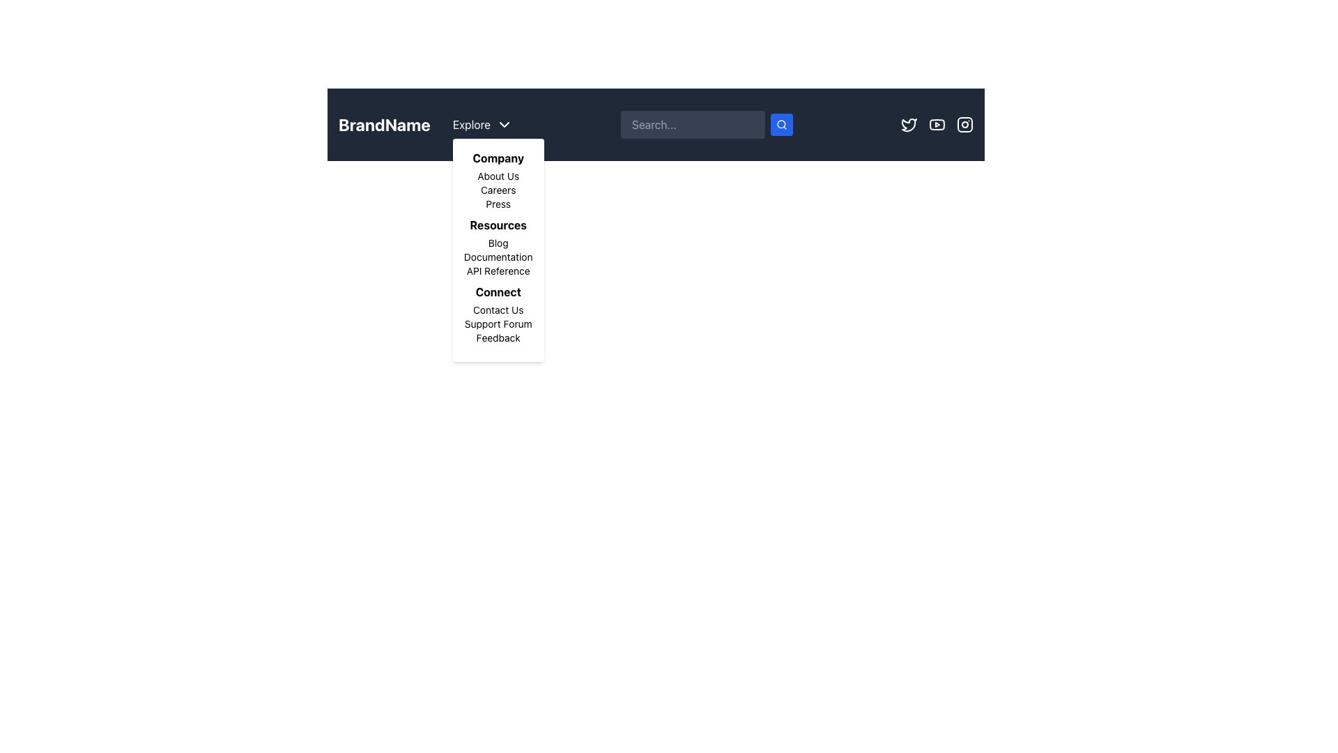 This screenshot has width=1338, height=753. I want to click on the Dropdown Menu located below the 'Explore' button in the navigation bar, which provides access to links such as 'About Us', 'Blog', and 'Contact Us', so click(498, 249).